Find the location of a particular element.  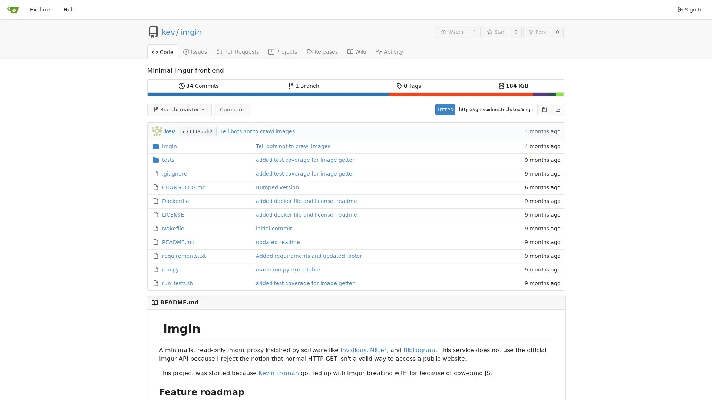

HTTPS is located at coordinates (445, 110).